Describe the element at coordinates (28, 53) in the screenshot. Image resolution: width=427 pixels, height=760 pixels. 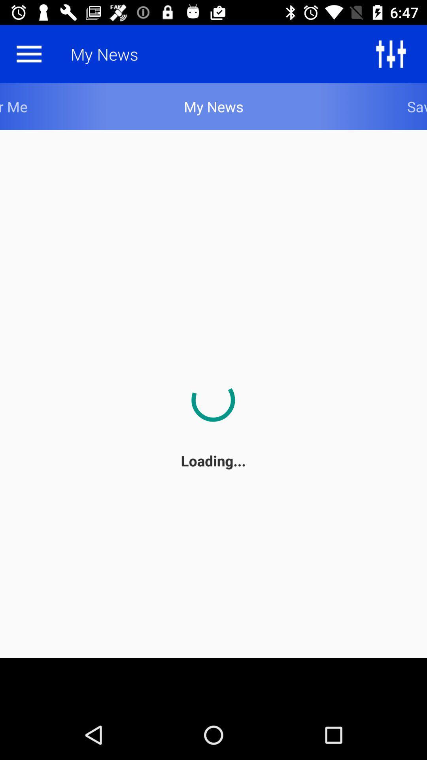
I see `open menu` at that location.